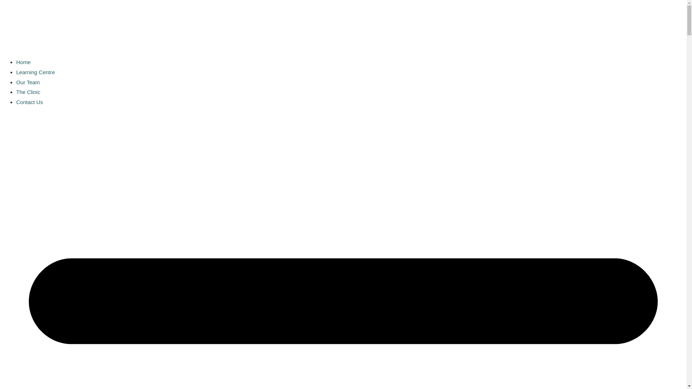  I want to click on 'Contact Us', so click(29, 102).